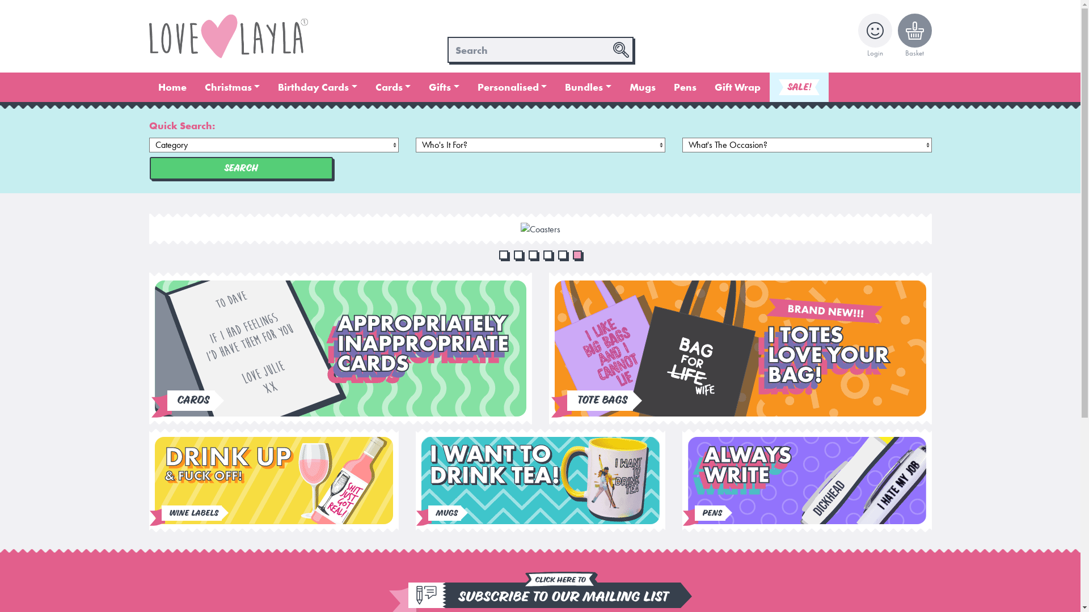 Image resolution: width=1089 pixels, height=612 pixels. What do you see at coordinates (171, 87) in the screenshot?
I see `'Home` at bounding box center [171, 87].